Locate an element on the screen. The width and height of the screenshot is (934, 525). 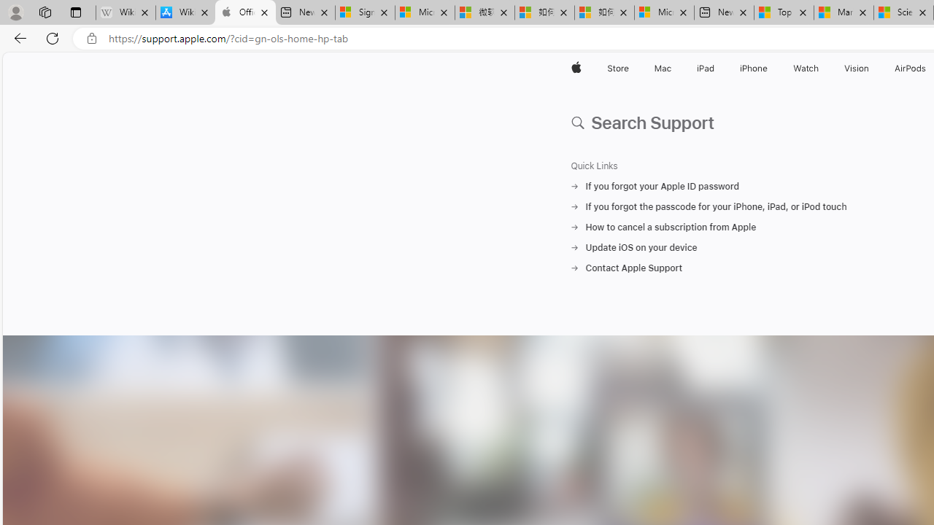
'Store' is located at coordinates (617, 68).